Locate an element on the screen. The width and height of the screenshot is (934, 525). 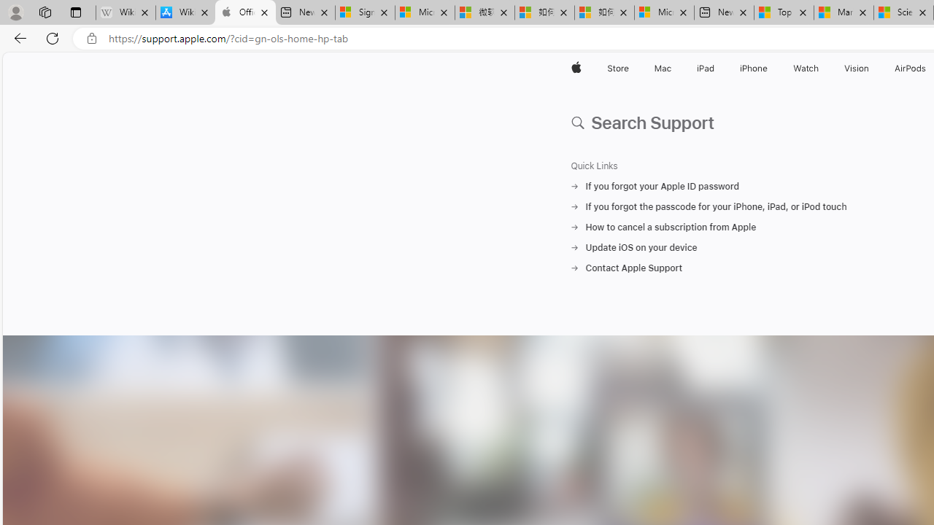
'Store' is located at coordinates (617, 68).